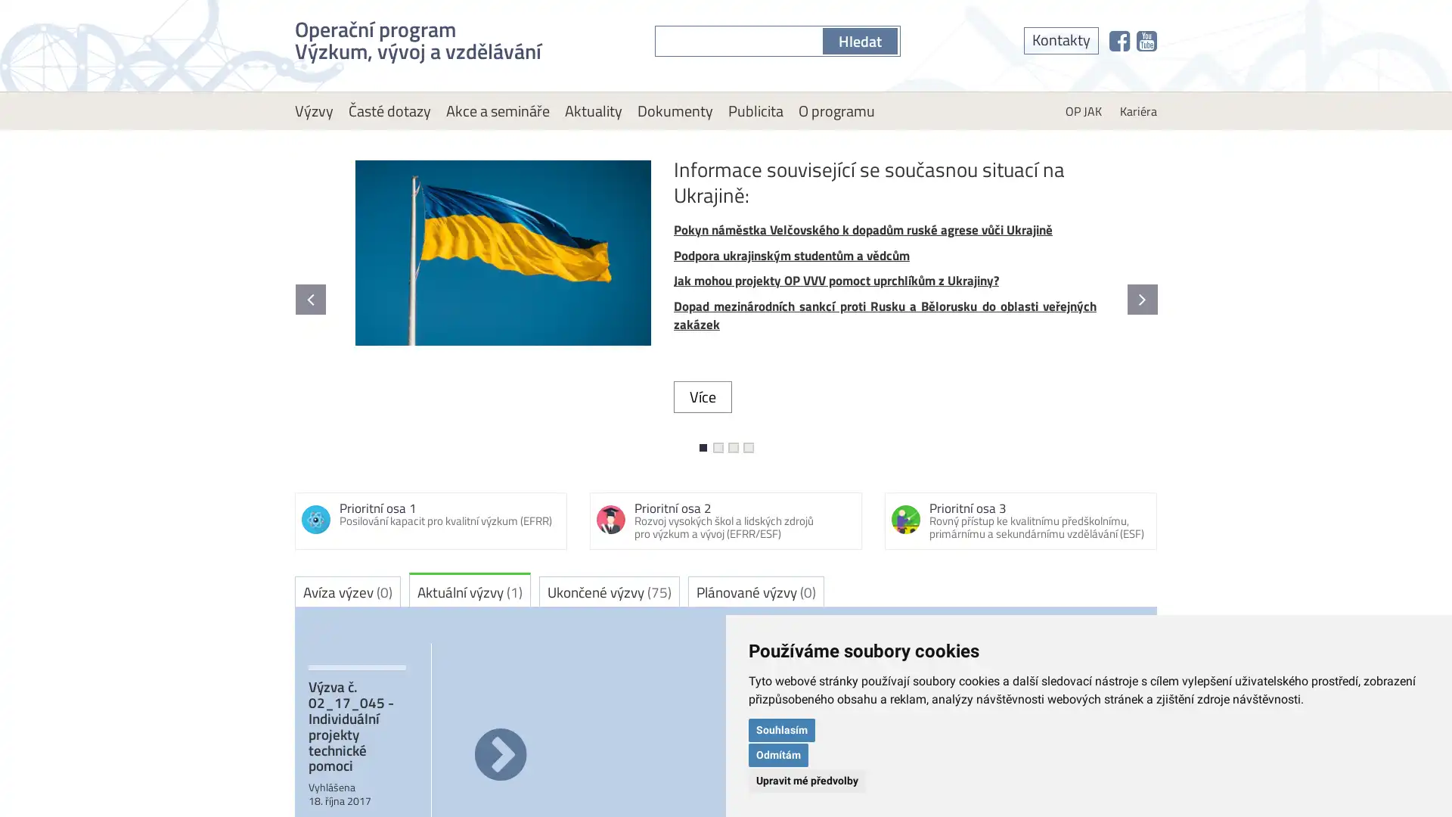  I want to click on Souhlasim, so click(781, 728).